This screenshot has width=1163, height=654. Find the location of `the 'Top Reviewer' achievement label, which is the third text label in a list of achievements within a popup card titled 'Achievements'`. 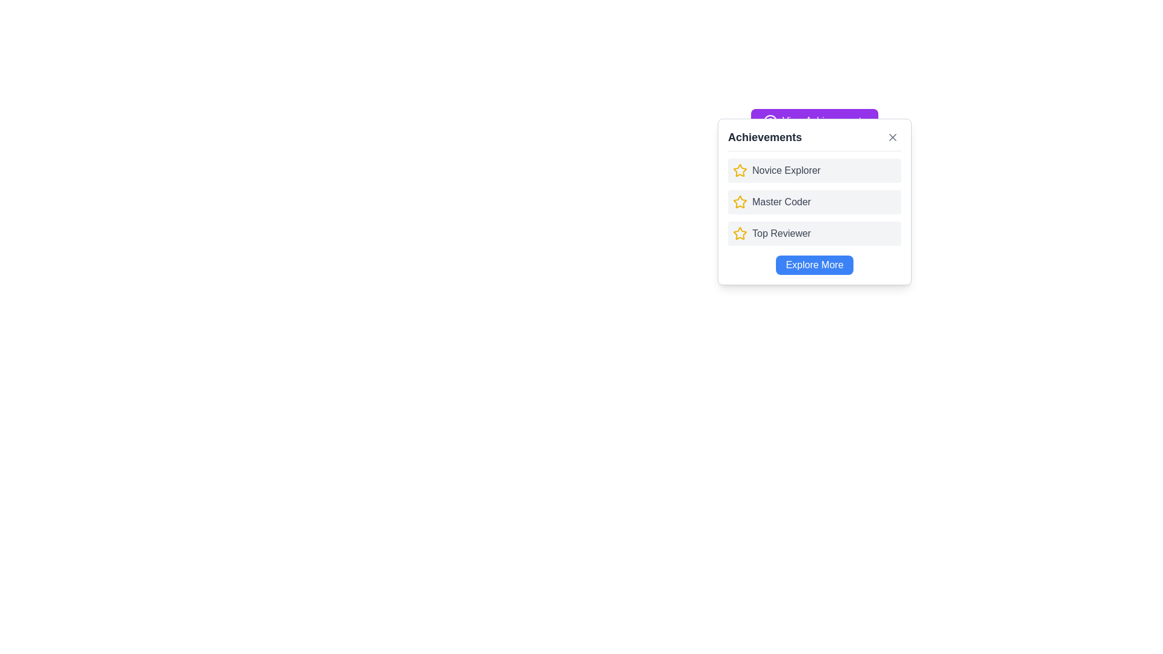

the 'Top Reviewer' achievement label, which is the third text label in a list of achievements within a popup card titled 'Achievements' is located at coordinates (781, 233).